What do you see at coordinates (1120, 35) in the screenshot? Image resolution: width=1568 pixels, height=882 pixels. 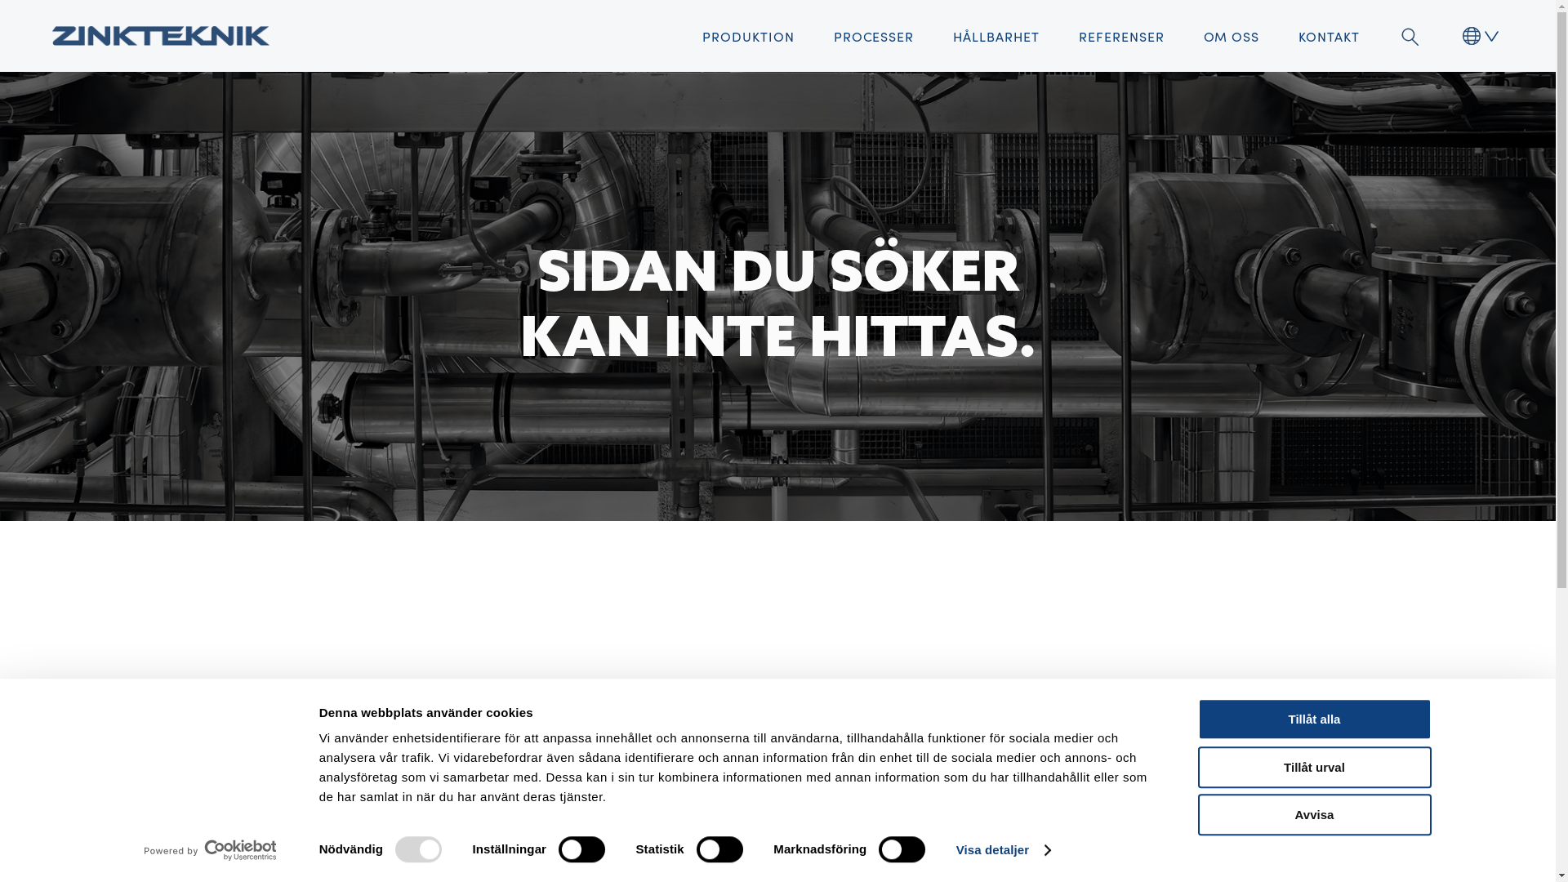 I see `'REFERENSER'` at bounding box center [1120, 35].